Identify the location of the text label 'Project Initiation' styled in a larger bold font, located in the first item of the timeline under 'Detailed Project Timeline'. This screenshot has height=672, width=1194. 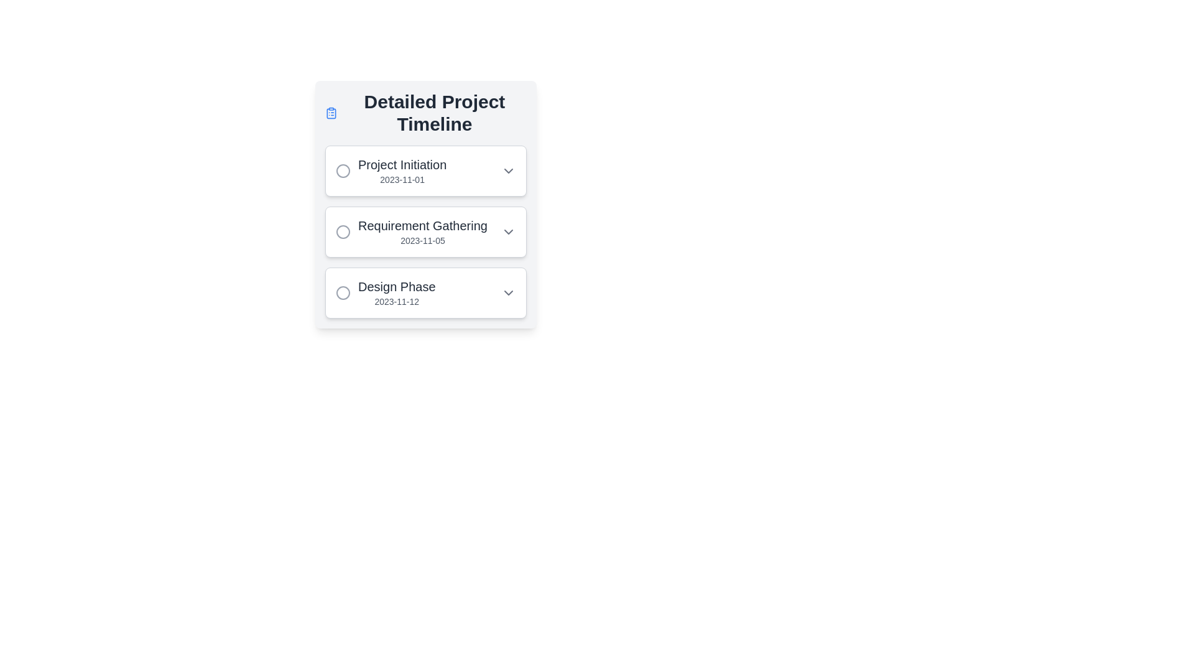
(402, 164).